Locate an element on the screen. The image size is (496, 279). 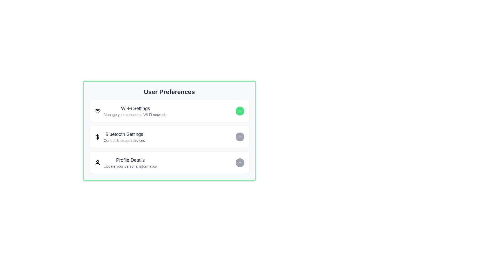
the preference corresponding to Profile Details is located at coordinates (239, 162).